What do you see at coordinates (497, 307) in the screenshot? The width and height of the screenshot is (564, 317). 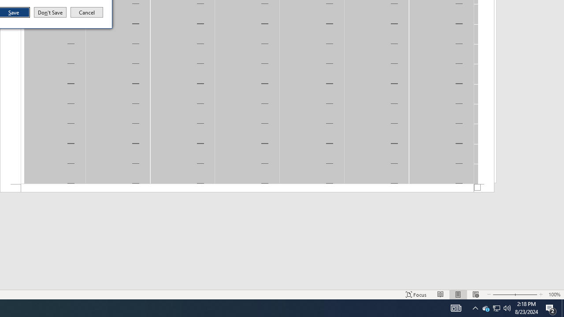 I see `'User Promoted Notification Area'` at bounding box center [497, 307].